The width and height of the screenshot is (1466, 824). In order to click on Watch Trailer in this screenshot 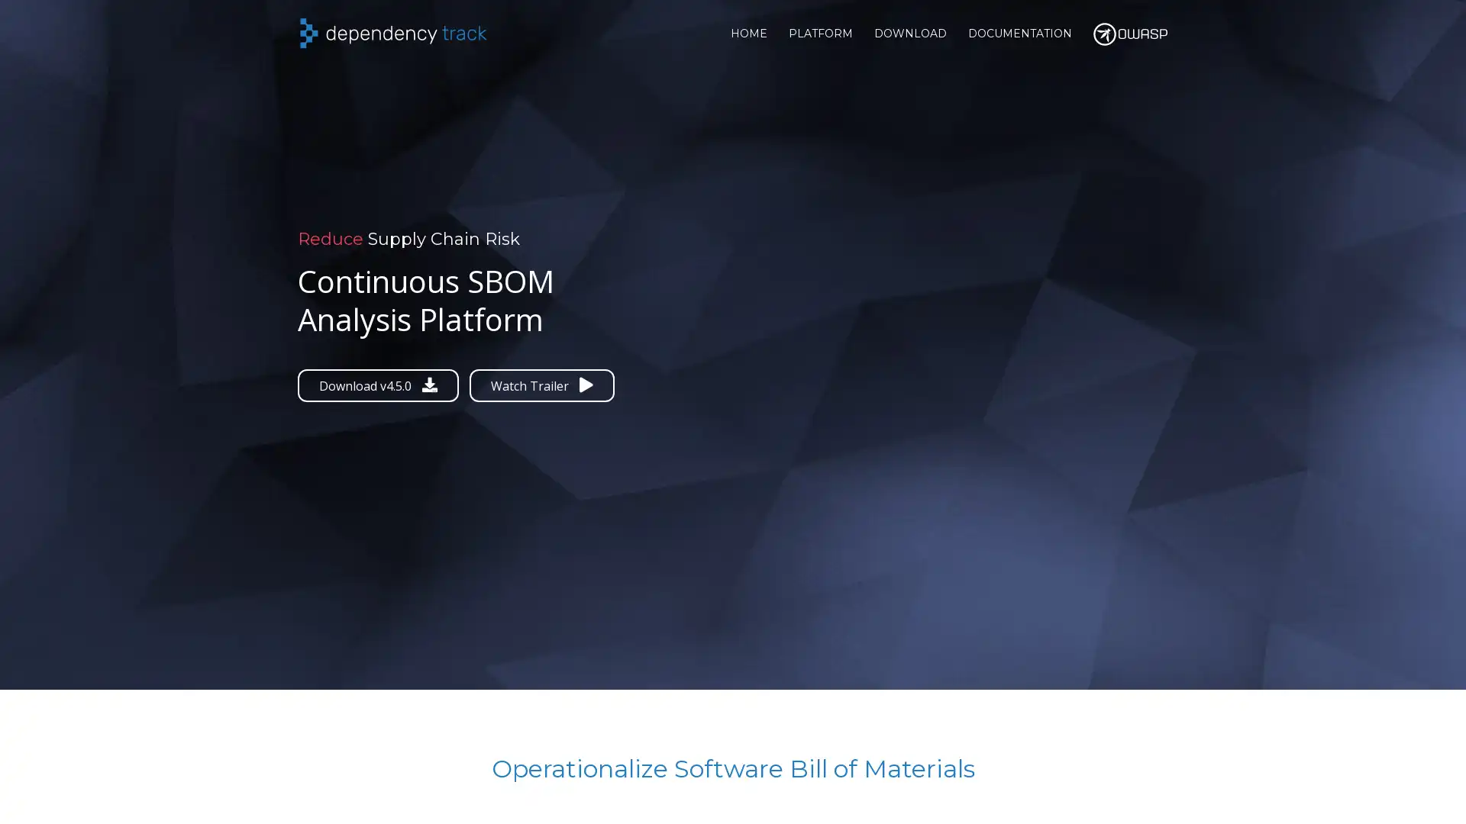, I will do `click(542, 385)`.